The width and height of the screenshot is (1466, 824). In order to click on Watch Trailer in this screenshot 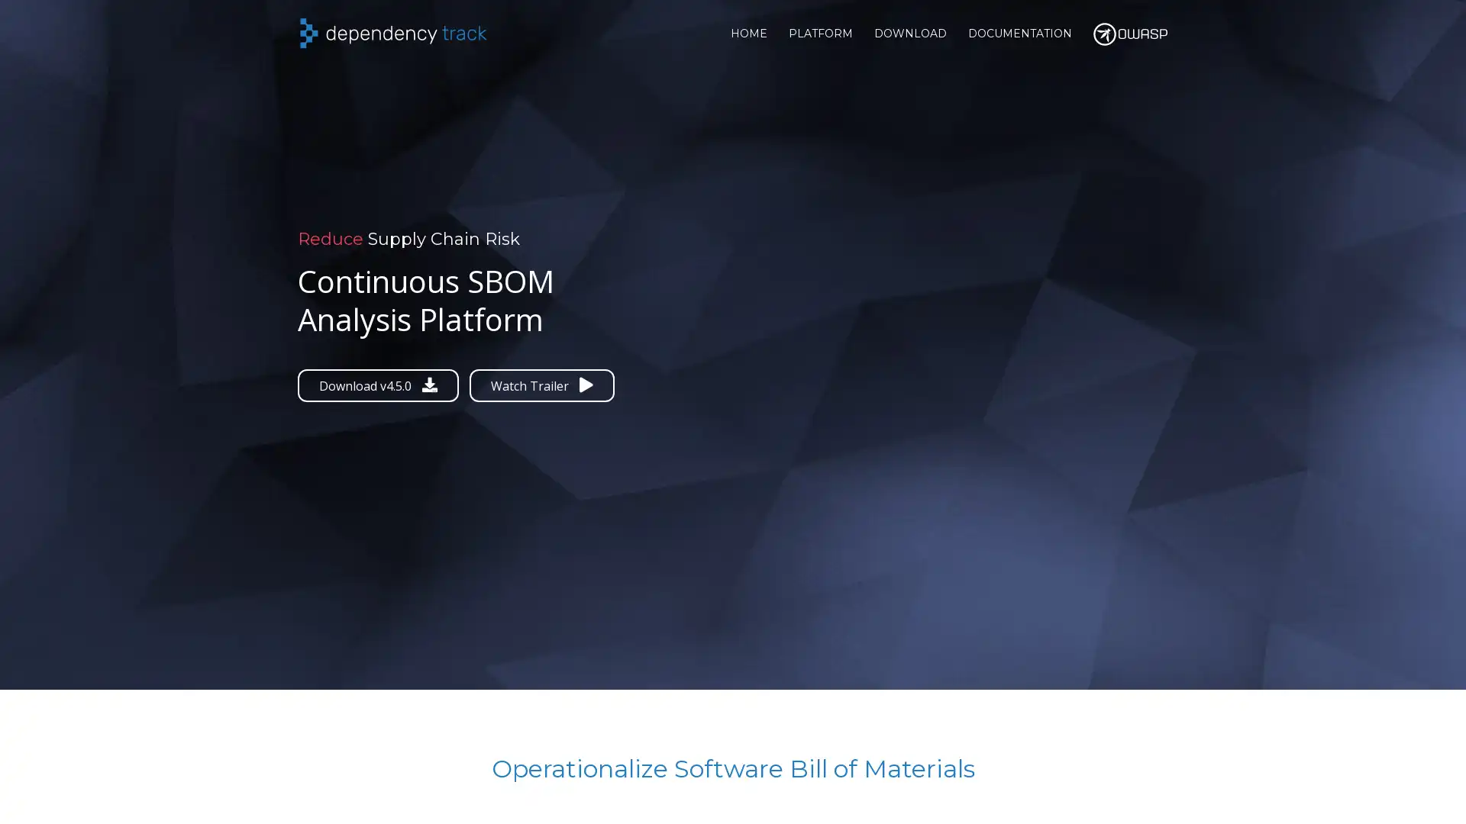, I will do `click(542, 385)`.